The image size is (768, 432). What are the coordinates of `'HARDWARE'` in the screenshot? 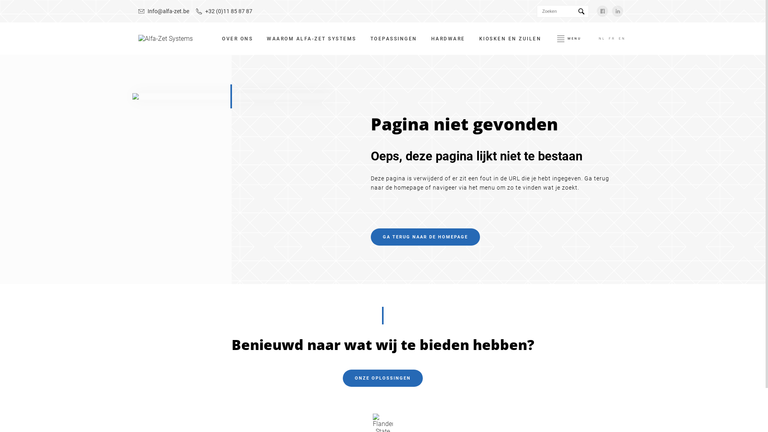 It's located at (448, 38).